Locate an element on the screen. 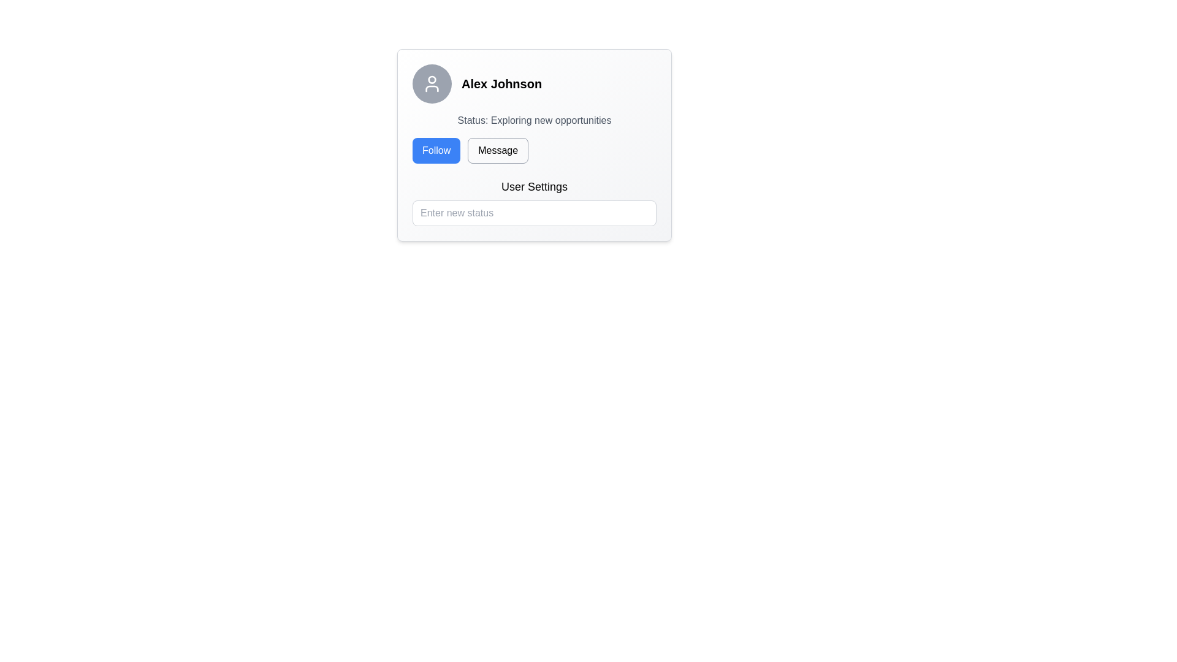  the follow button located at the top-left corner of the button group, which is below the user profile information section, to initiate a follow request is located at coordinates (436, 150).